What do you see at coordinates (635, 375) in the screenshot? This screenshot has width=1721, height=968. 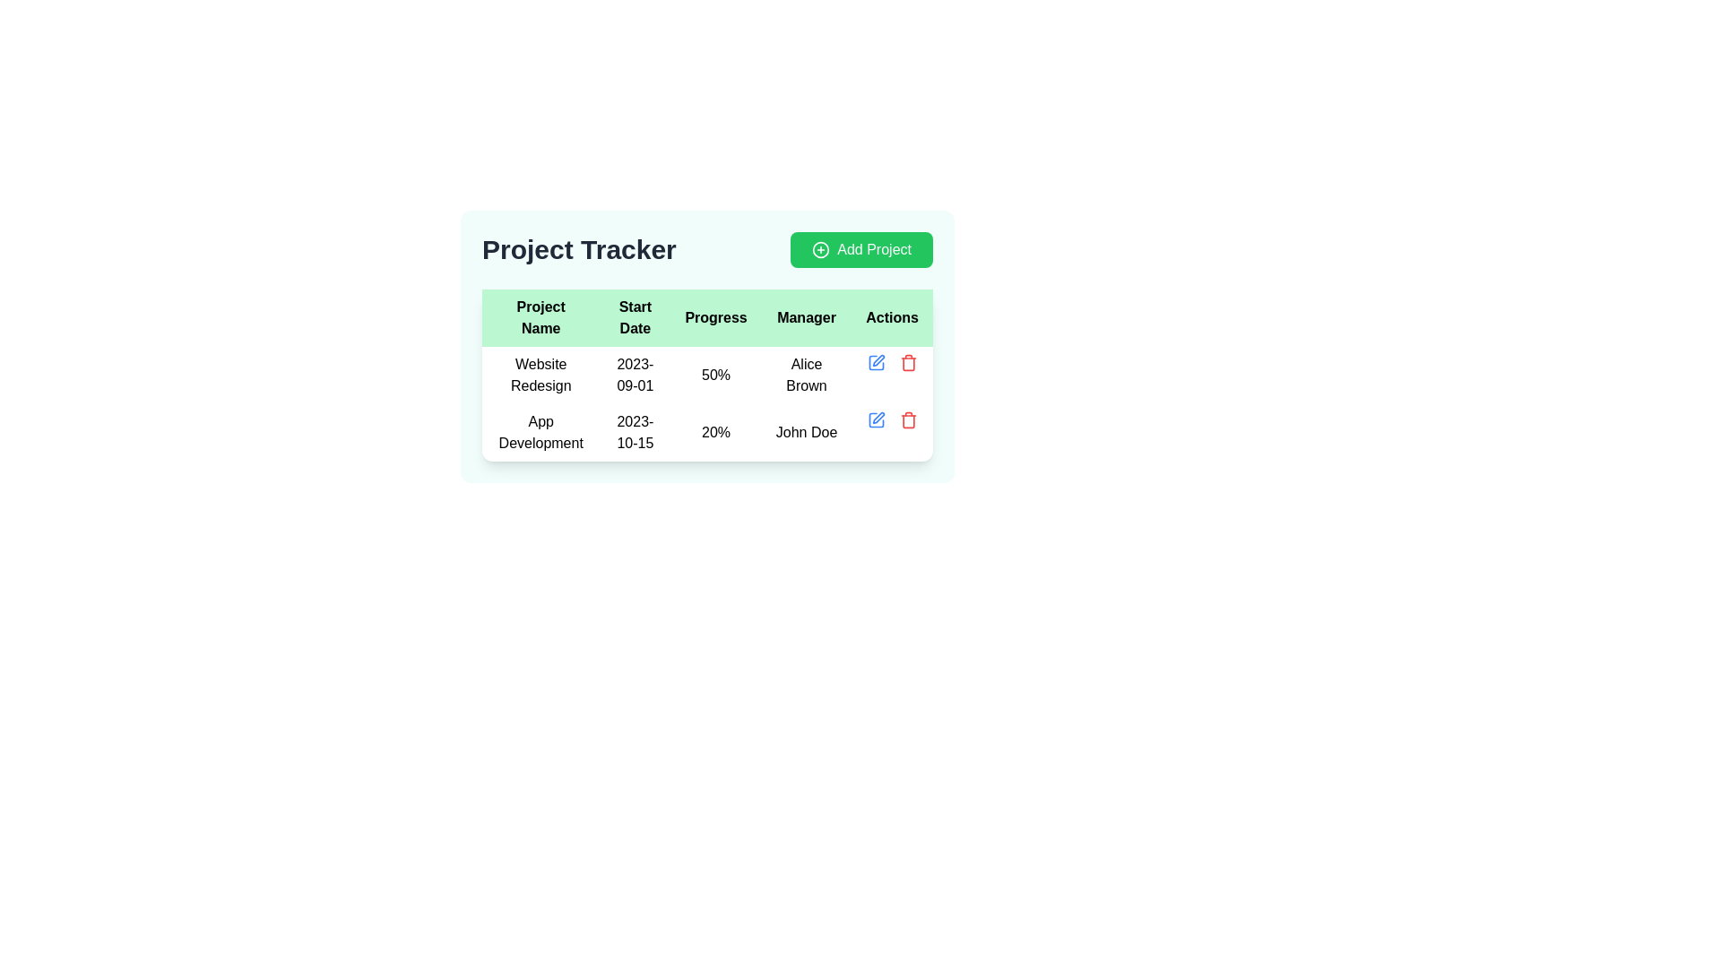 I see `text label representing the start date of the project, located in the second column of the first row in a table-like structure, adjacent to 'Website Redesign' and '50%` at bounding box center [635, 375].